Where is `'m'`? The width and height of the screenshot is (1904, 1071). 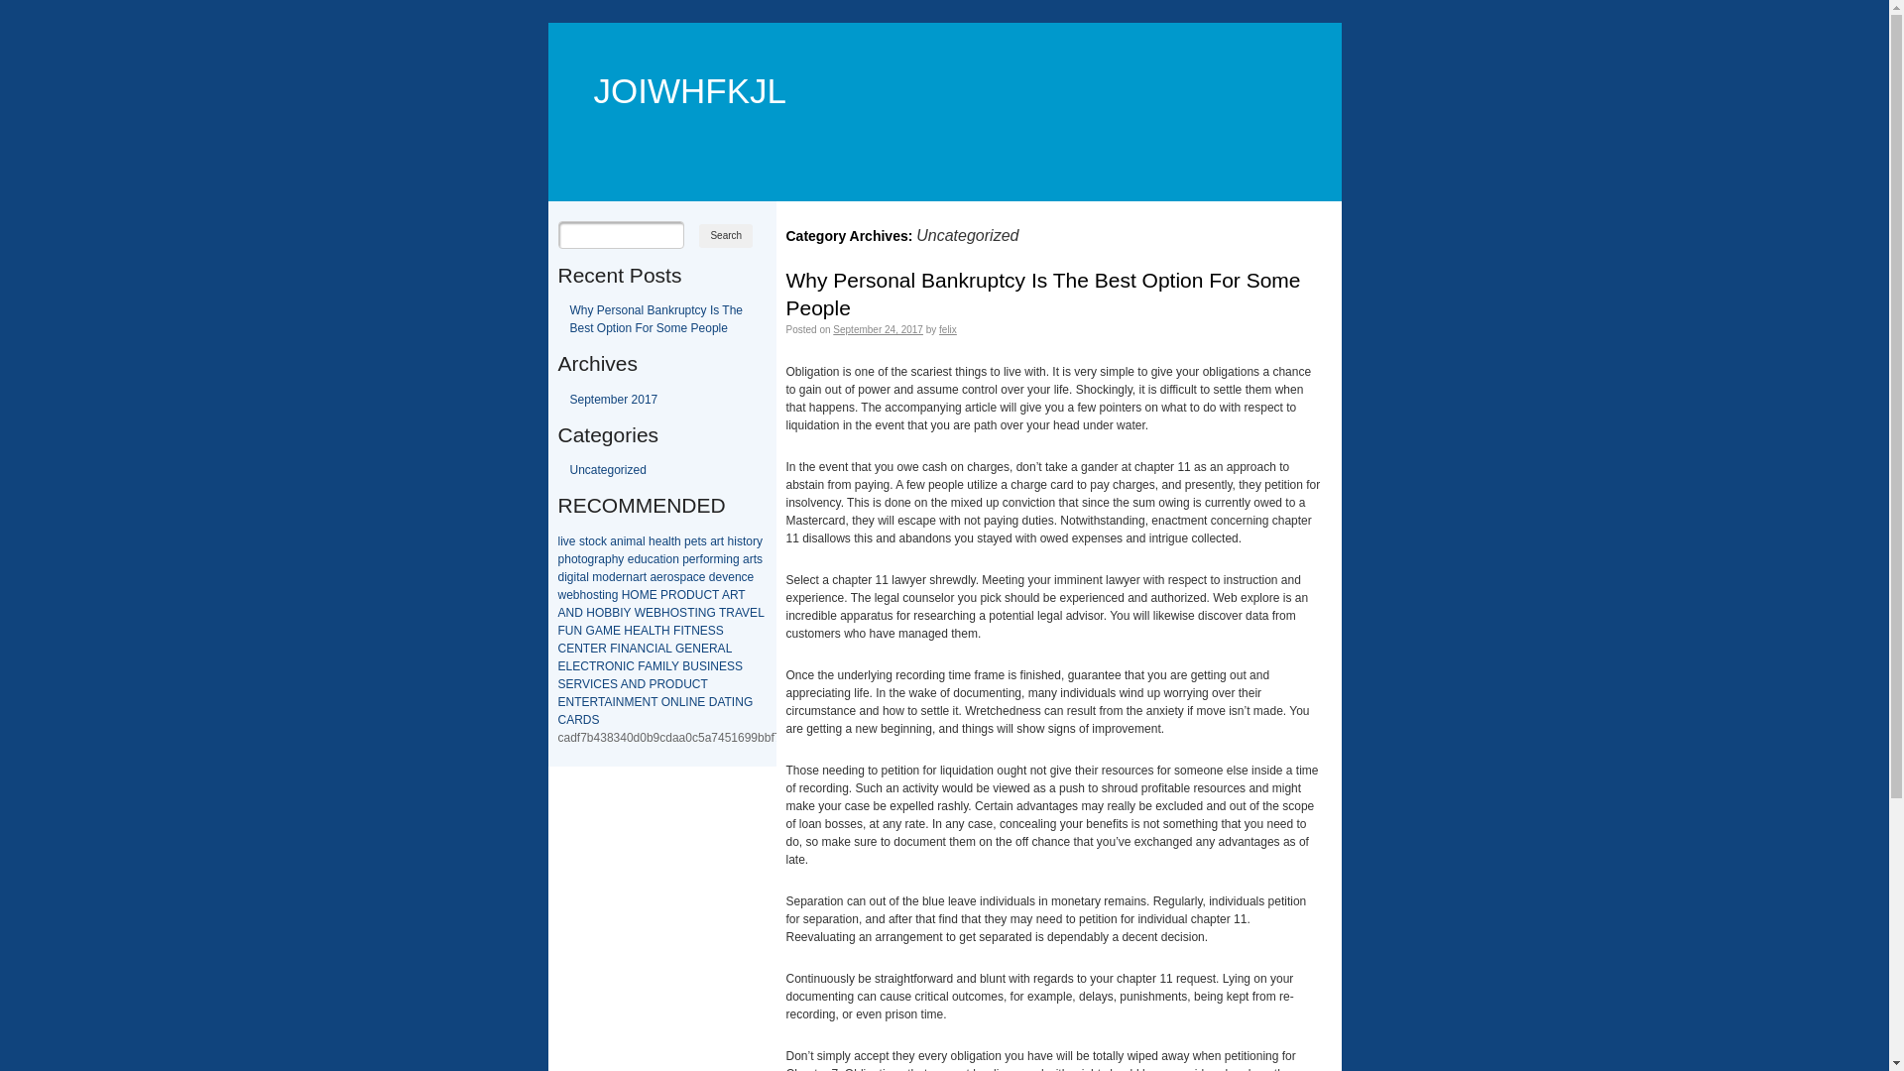 'm' is located at coordinates (595, 577).